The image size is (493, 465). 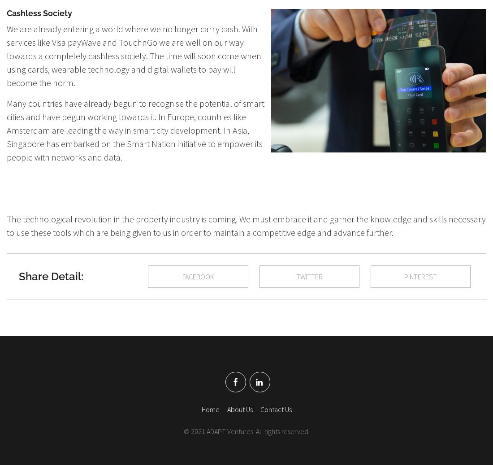 What do you see at coordinates (259, 409) in the screenshot?
I see `'Contact Us'` at bounding box center [259, 409].